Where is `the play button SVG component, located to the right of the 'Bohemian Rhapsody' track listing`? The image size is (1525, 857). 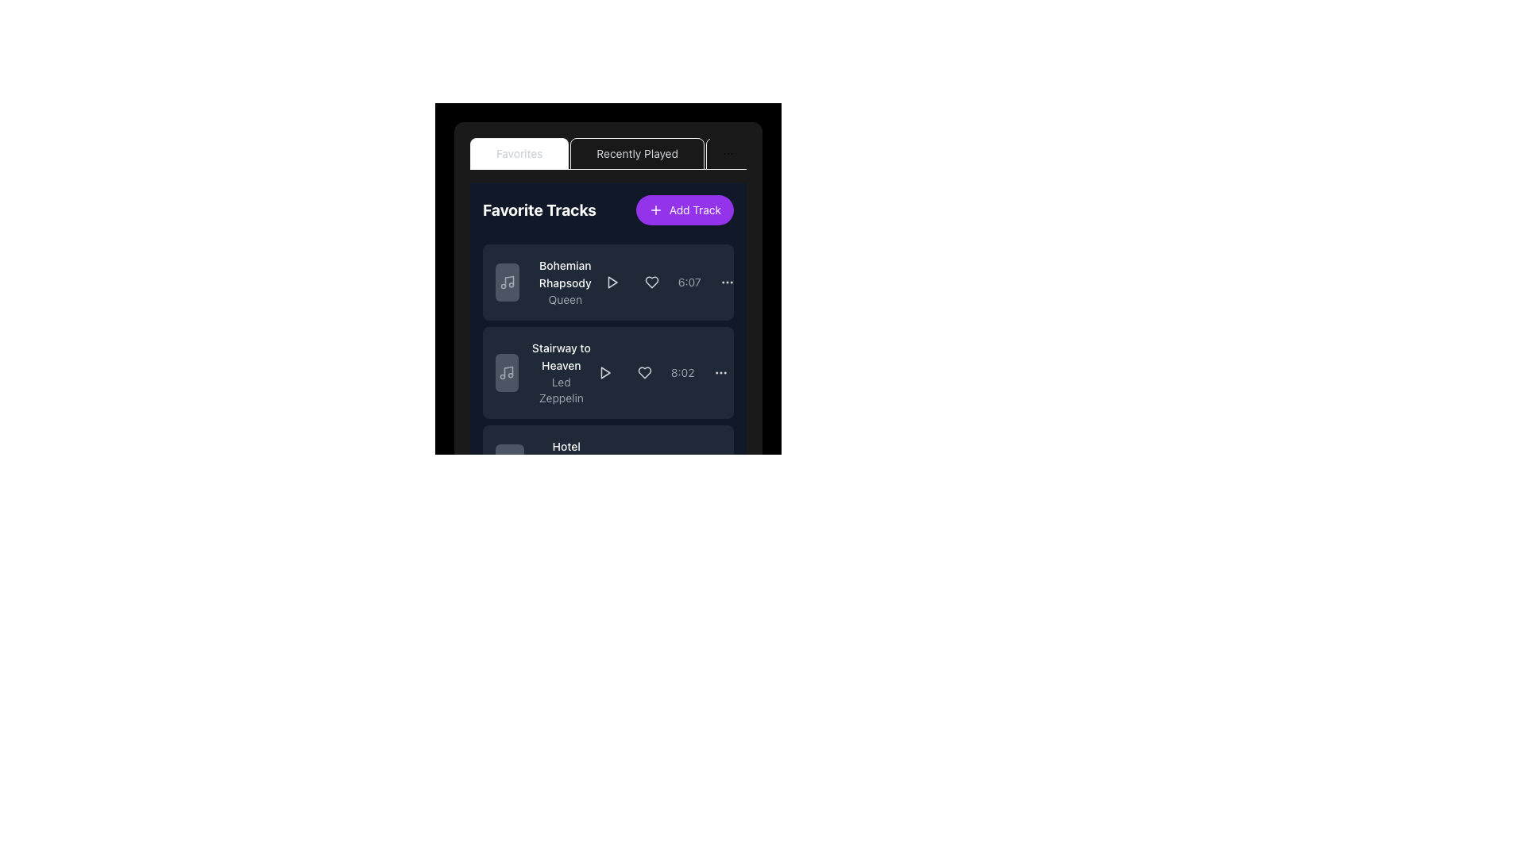 the play button SVG component, located to the right of the 'Bohemian Rhapsody' track listing is located at coordinates (612, 281).